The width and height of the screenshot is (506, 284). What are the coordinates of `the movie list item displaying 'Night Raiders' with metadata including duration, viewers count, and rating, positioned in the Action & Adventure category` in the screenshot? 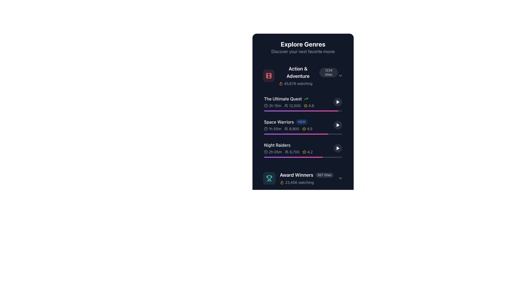 It's located at (299, 148).